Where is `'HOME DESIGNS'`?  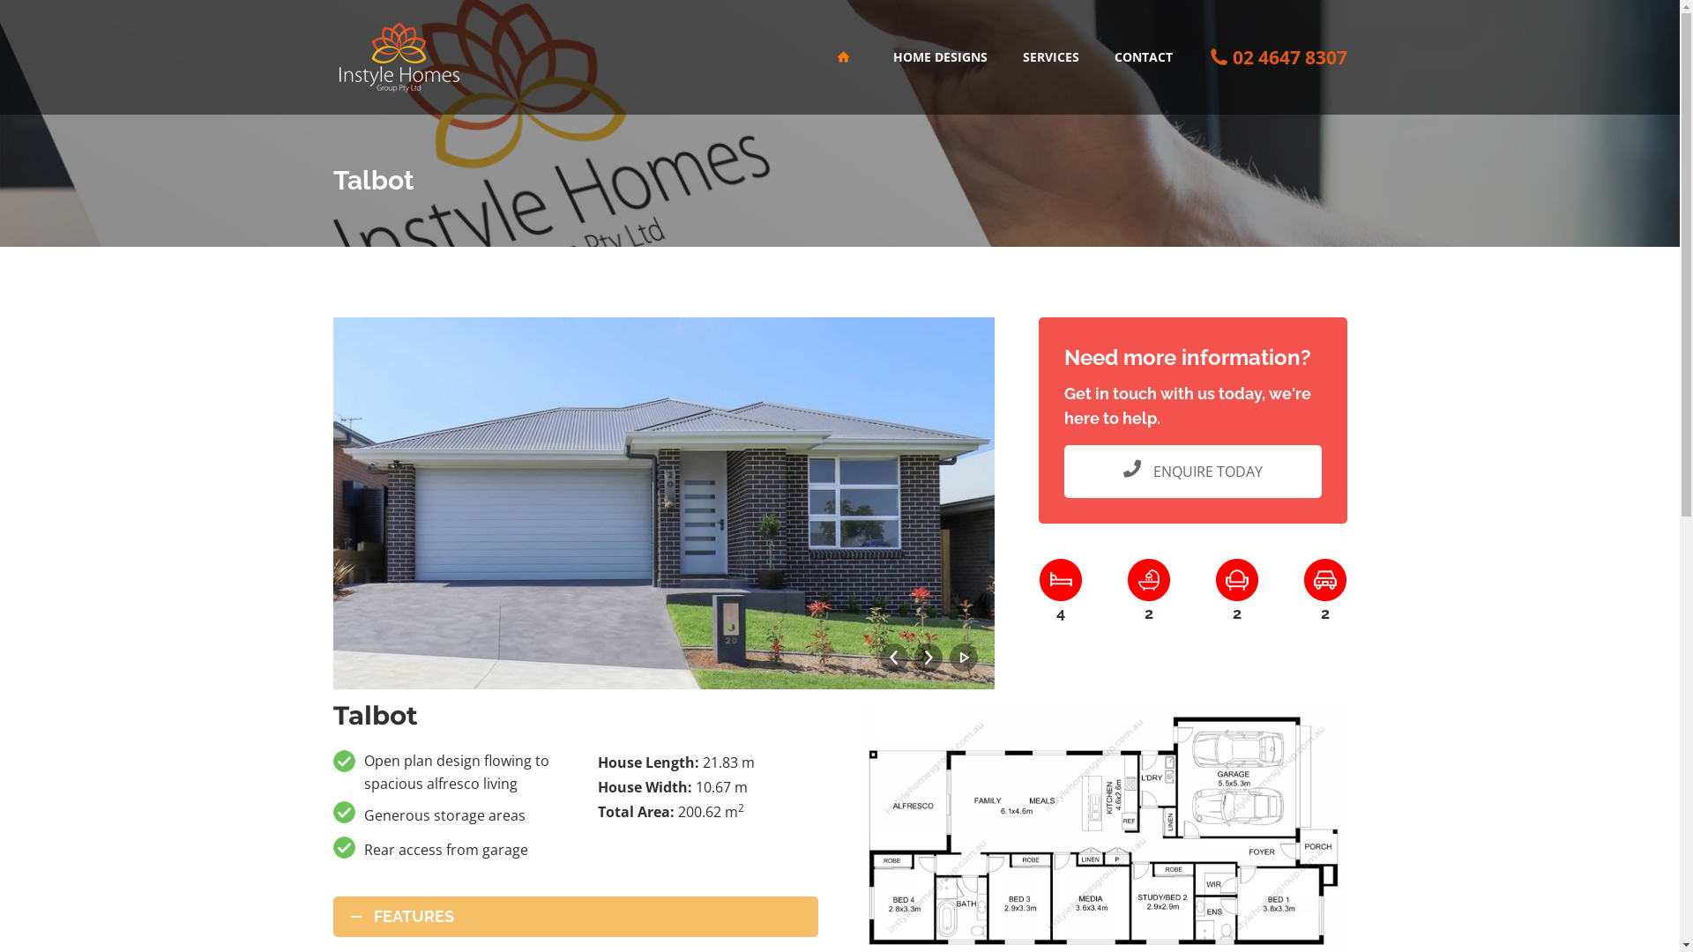
'HOME DESIGNS' is located at coordinates (880, 56).